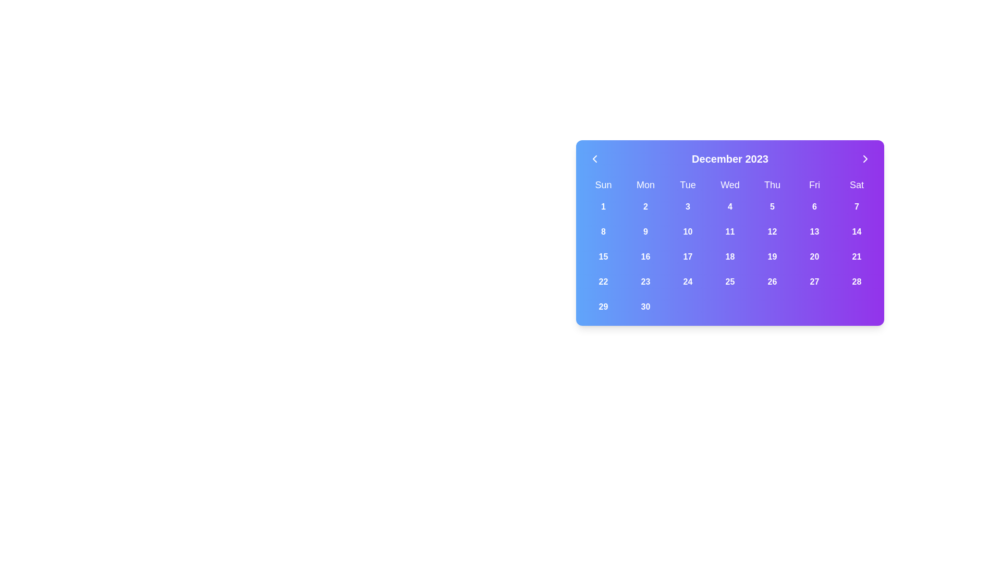  I want to click on the circular button labeled '8' in the calendar grid, so click(603, 231).